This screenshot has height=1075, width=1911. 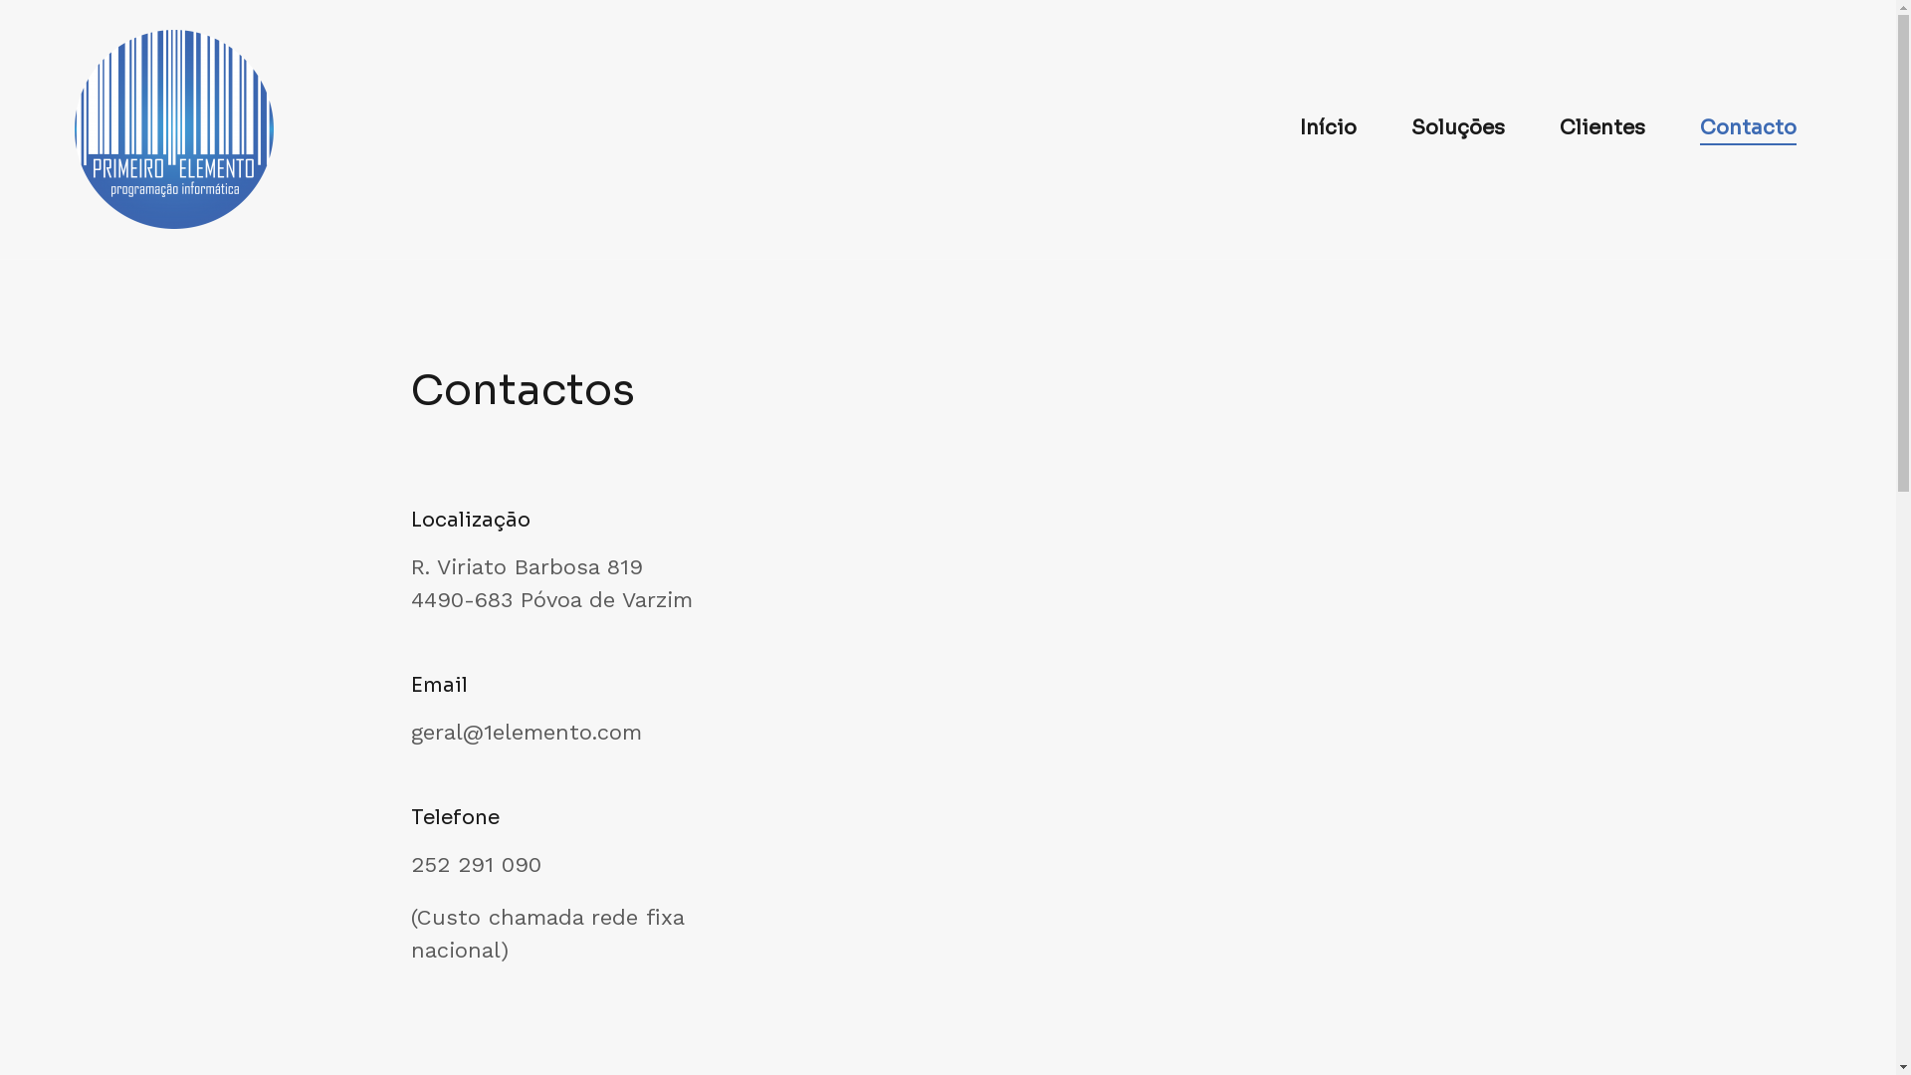 What do you see at coordinates (1747, 129) in the screenshot?
I see `'Contacto'` at bounding box center [1747, 129].